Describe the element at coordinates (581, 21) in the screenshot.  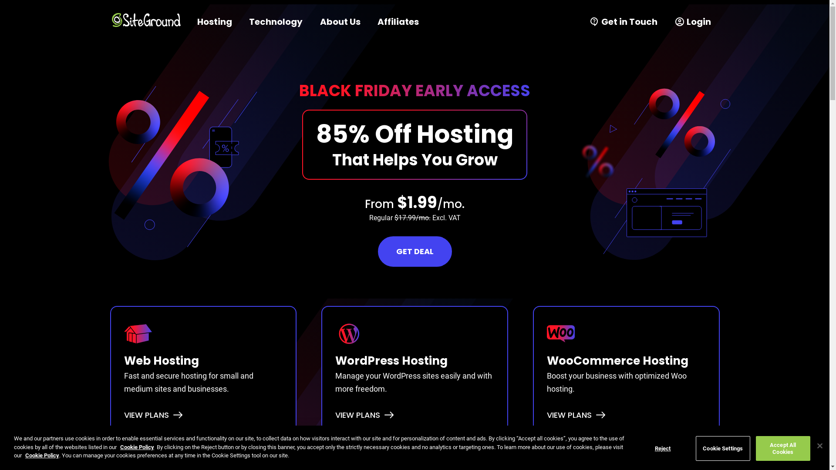
I see `'Get in Touch'` at that location.